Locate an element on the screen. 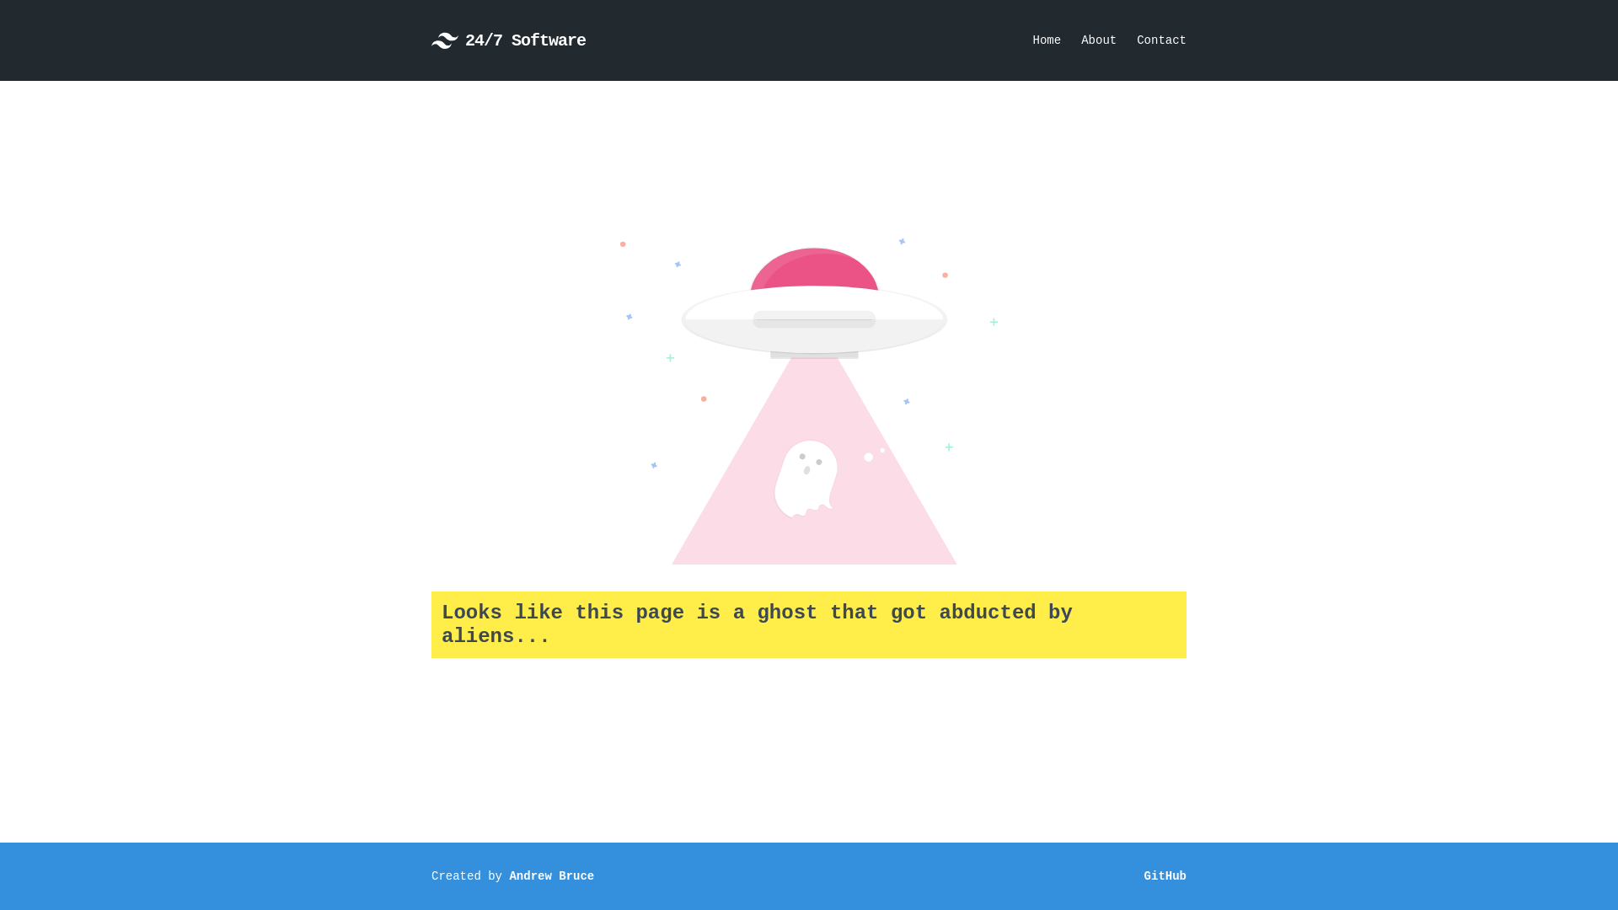 The width and height of the screenshot is (1618, 910). '24/7 Software' is located at coordinates (431, 39).